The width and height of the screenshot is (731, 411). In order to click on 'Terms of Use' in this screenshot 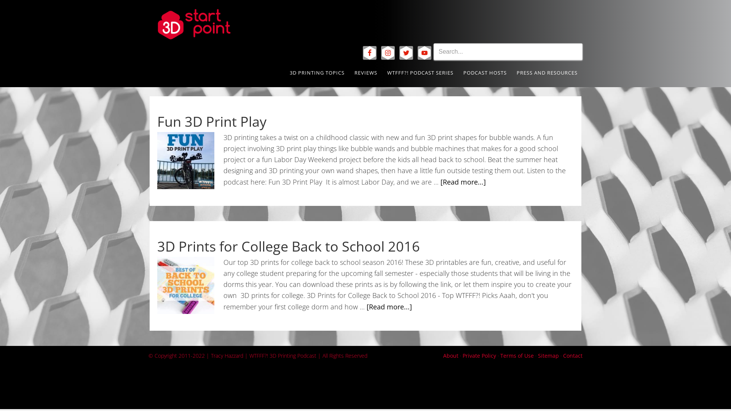, I will do `click(500, 355)`.